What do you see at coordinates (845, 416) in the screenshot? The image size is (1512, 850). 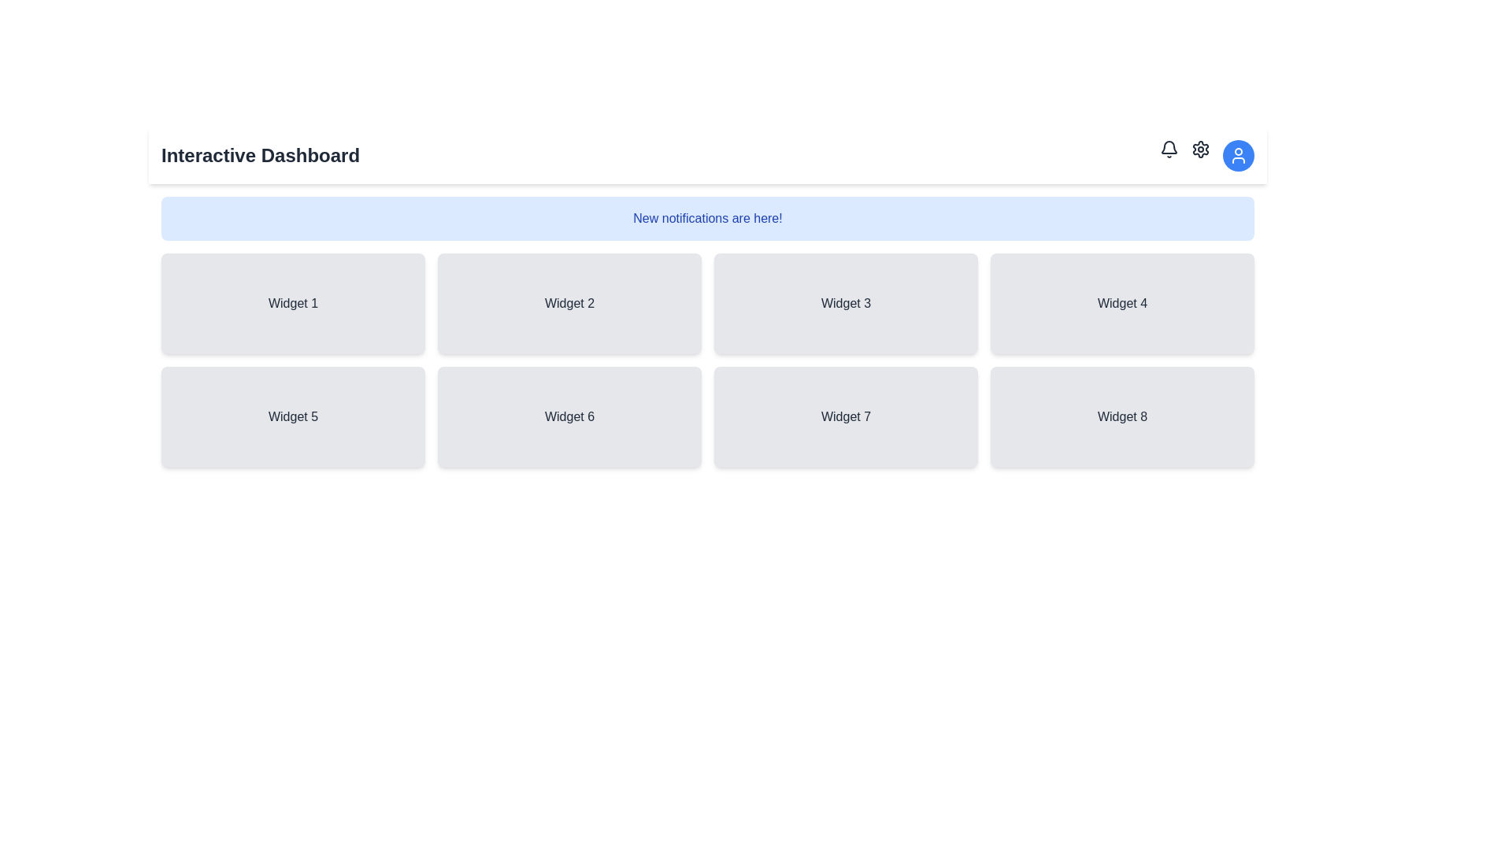 I see `the text label reading 'Widget 7', which is centrally positioned within a gray card in the second row, third column of a grid of widgets` at bounding box center [845, 416].